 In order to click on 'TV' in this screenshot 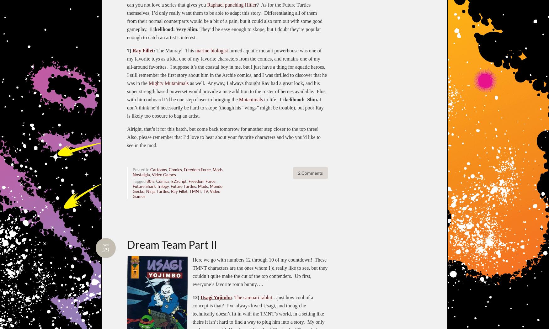, I will do `click(205, 191)`.